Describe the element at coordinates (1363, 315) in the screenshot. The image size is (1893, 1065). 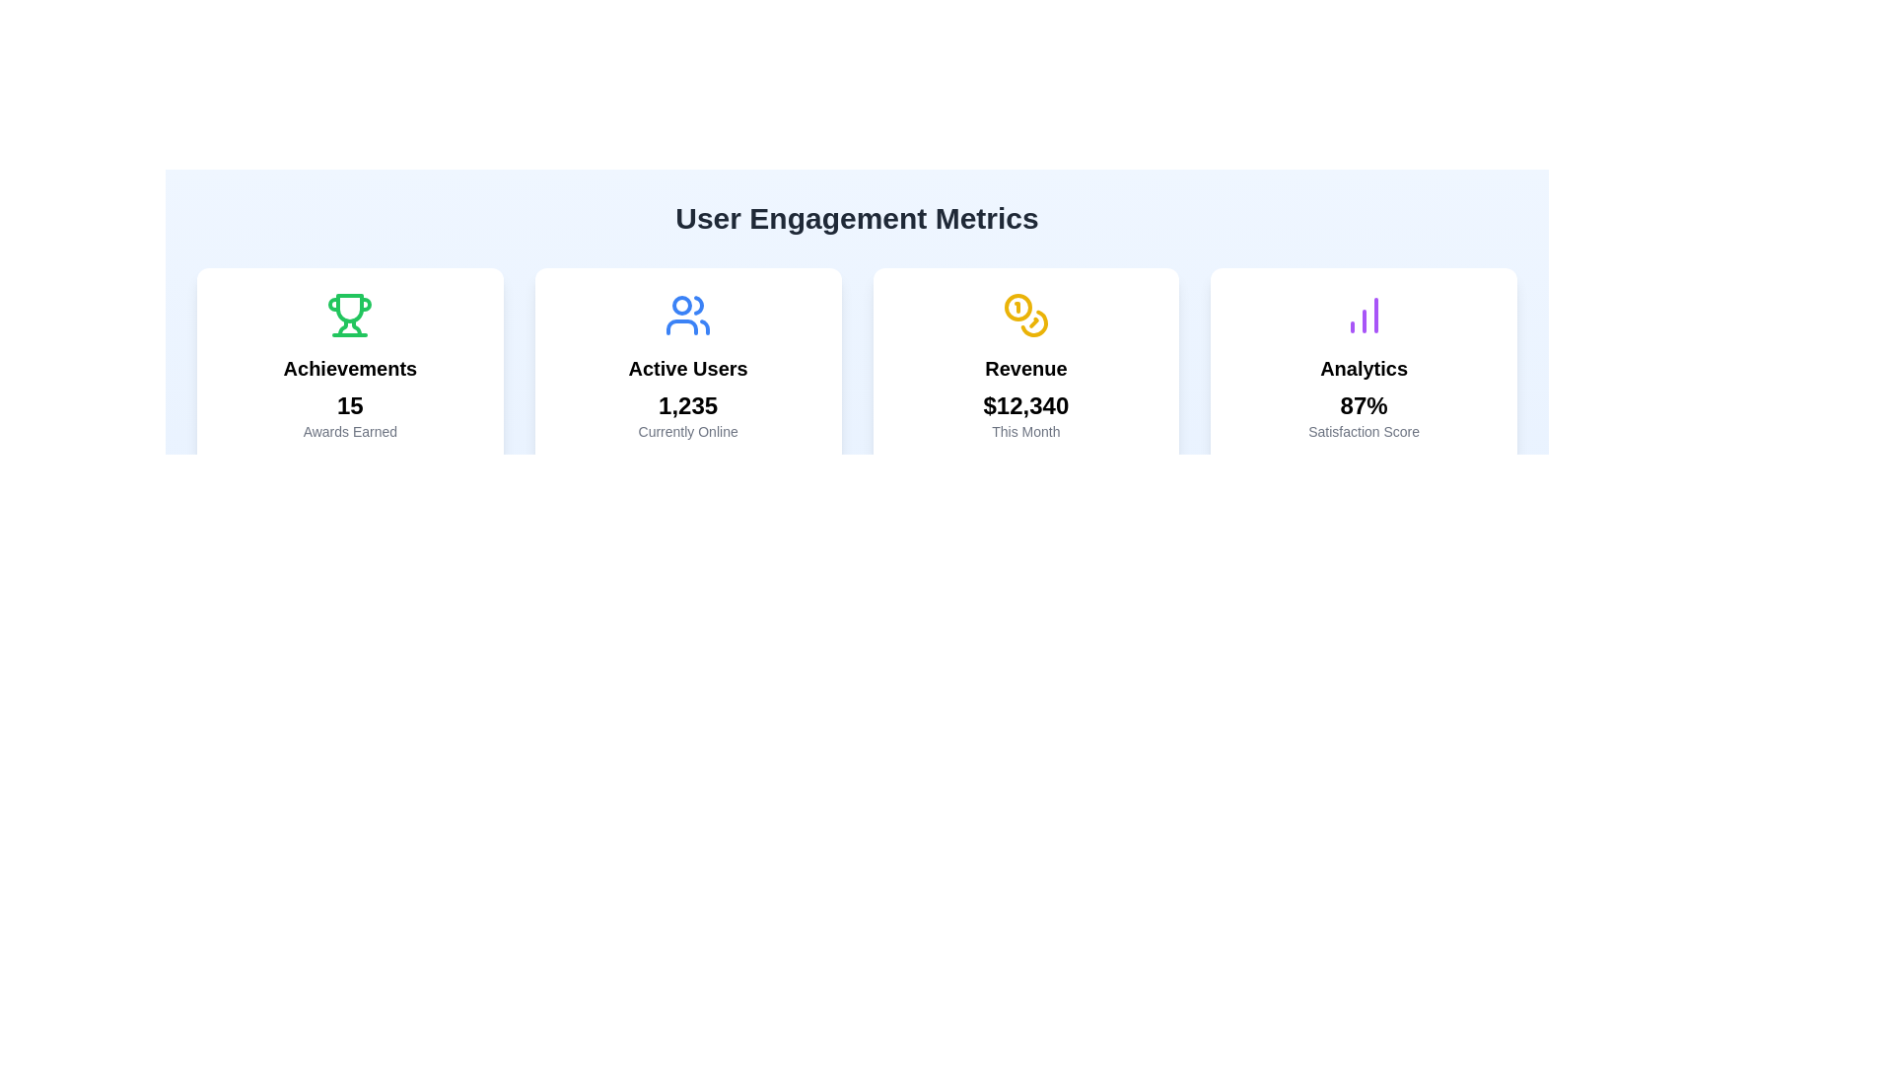
I see `the stylized purple column chart icon located at the top center of the 'Analytics' card, which is the fourth card in the row, just above the text 'Analytics' and '87%'` at that location.